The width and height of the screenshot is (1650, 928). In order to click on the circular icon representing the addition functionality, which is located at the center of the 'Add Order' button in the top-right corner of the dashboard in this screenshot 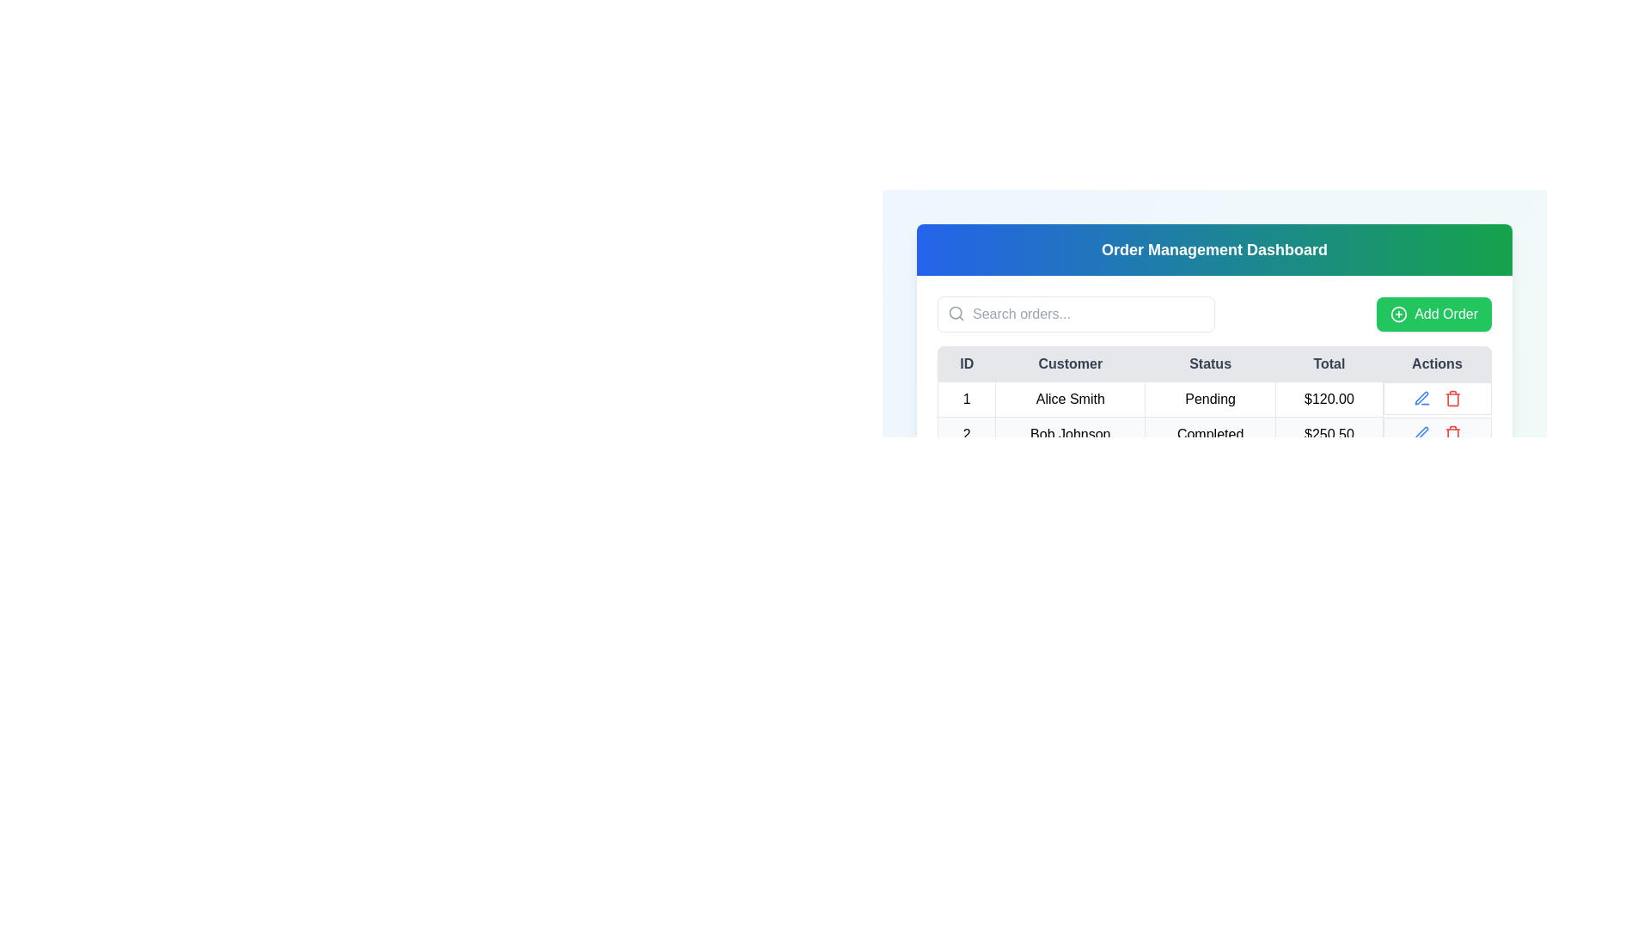, I will do `click(1399, 314)`.